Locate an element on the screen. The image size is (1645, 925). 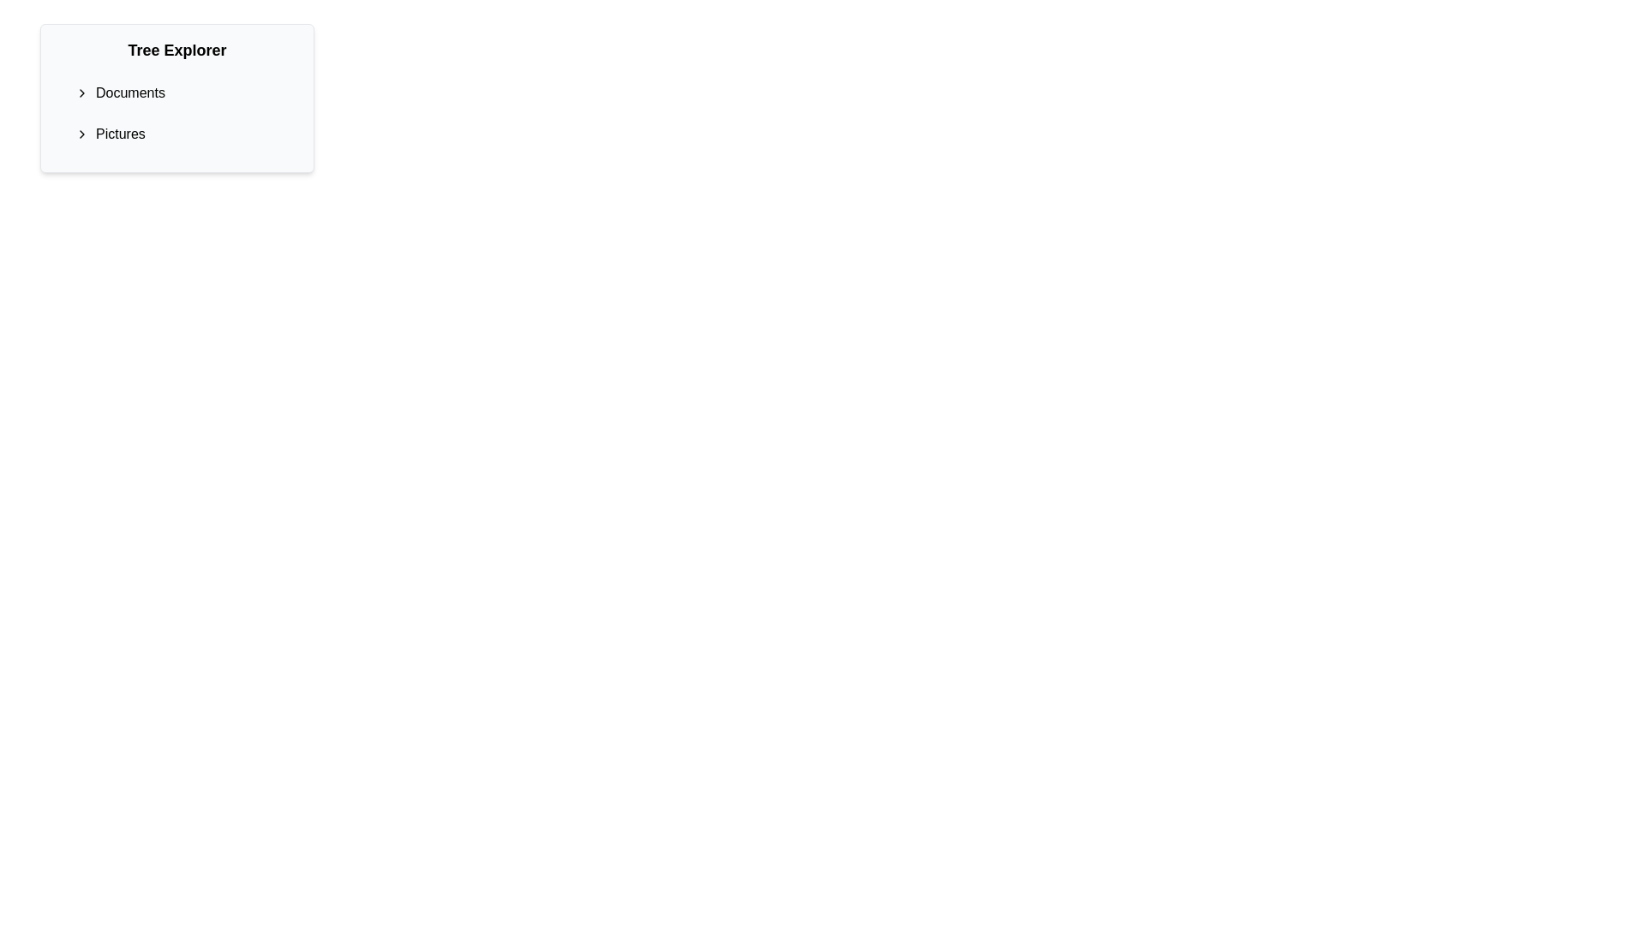
the chevron-shaped icon with a right-pointing arrow located to the left of the 'Pictures' label in the 'Tree Explorer' component is located at coordinates (85, 134).